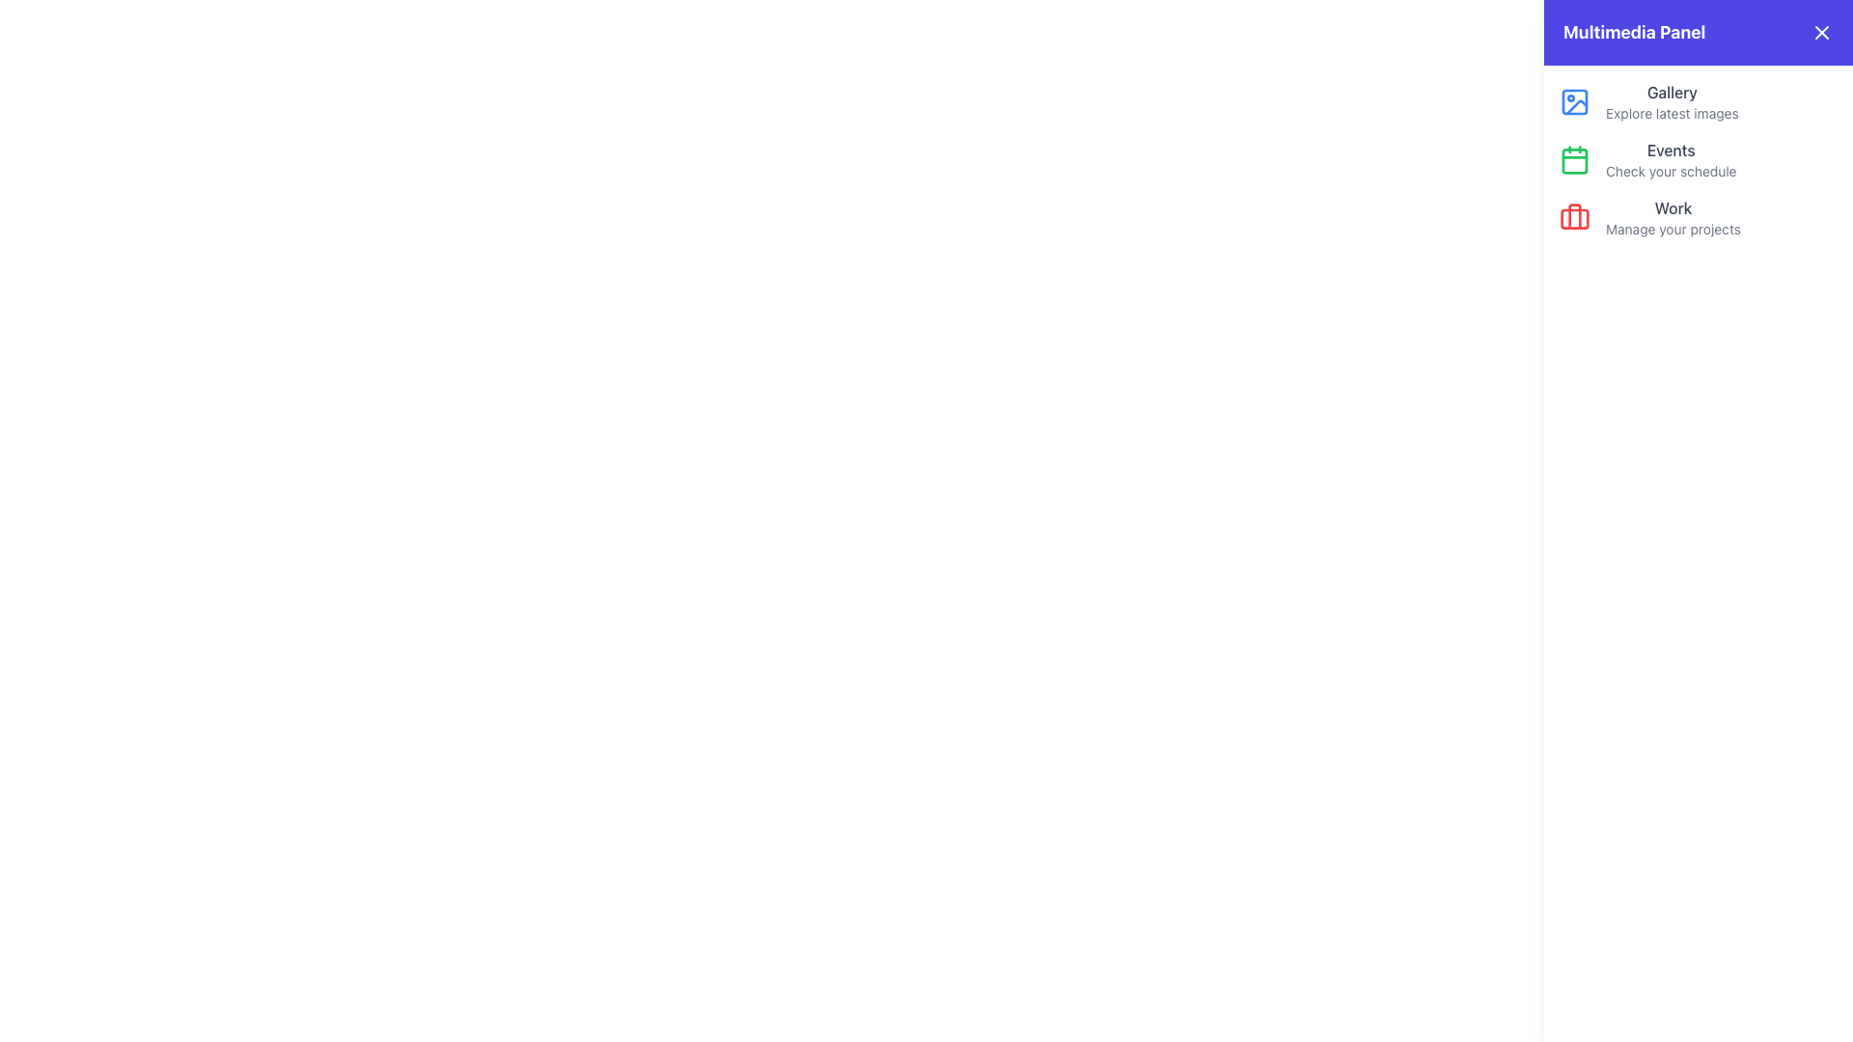  I want to click on the close button located in the upper-right corner of the 'Multimedia Panel', so click(1820, 33).